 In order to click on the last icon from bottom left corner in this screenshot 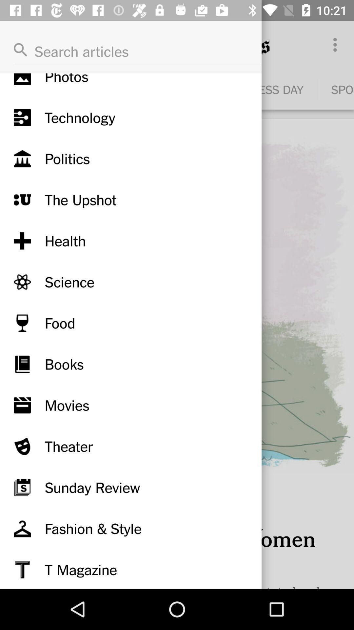, I will do `click(22, 569)`.